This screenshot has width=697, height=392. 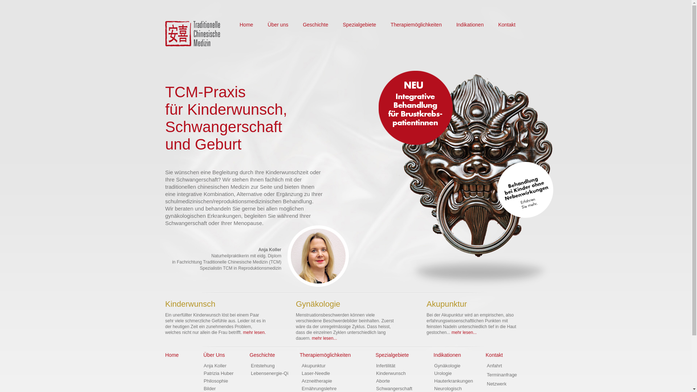 I want to click on 'Schwangerschaft', so click(x=394, y=388).